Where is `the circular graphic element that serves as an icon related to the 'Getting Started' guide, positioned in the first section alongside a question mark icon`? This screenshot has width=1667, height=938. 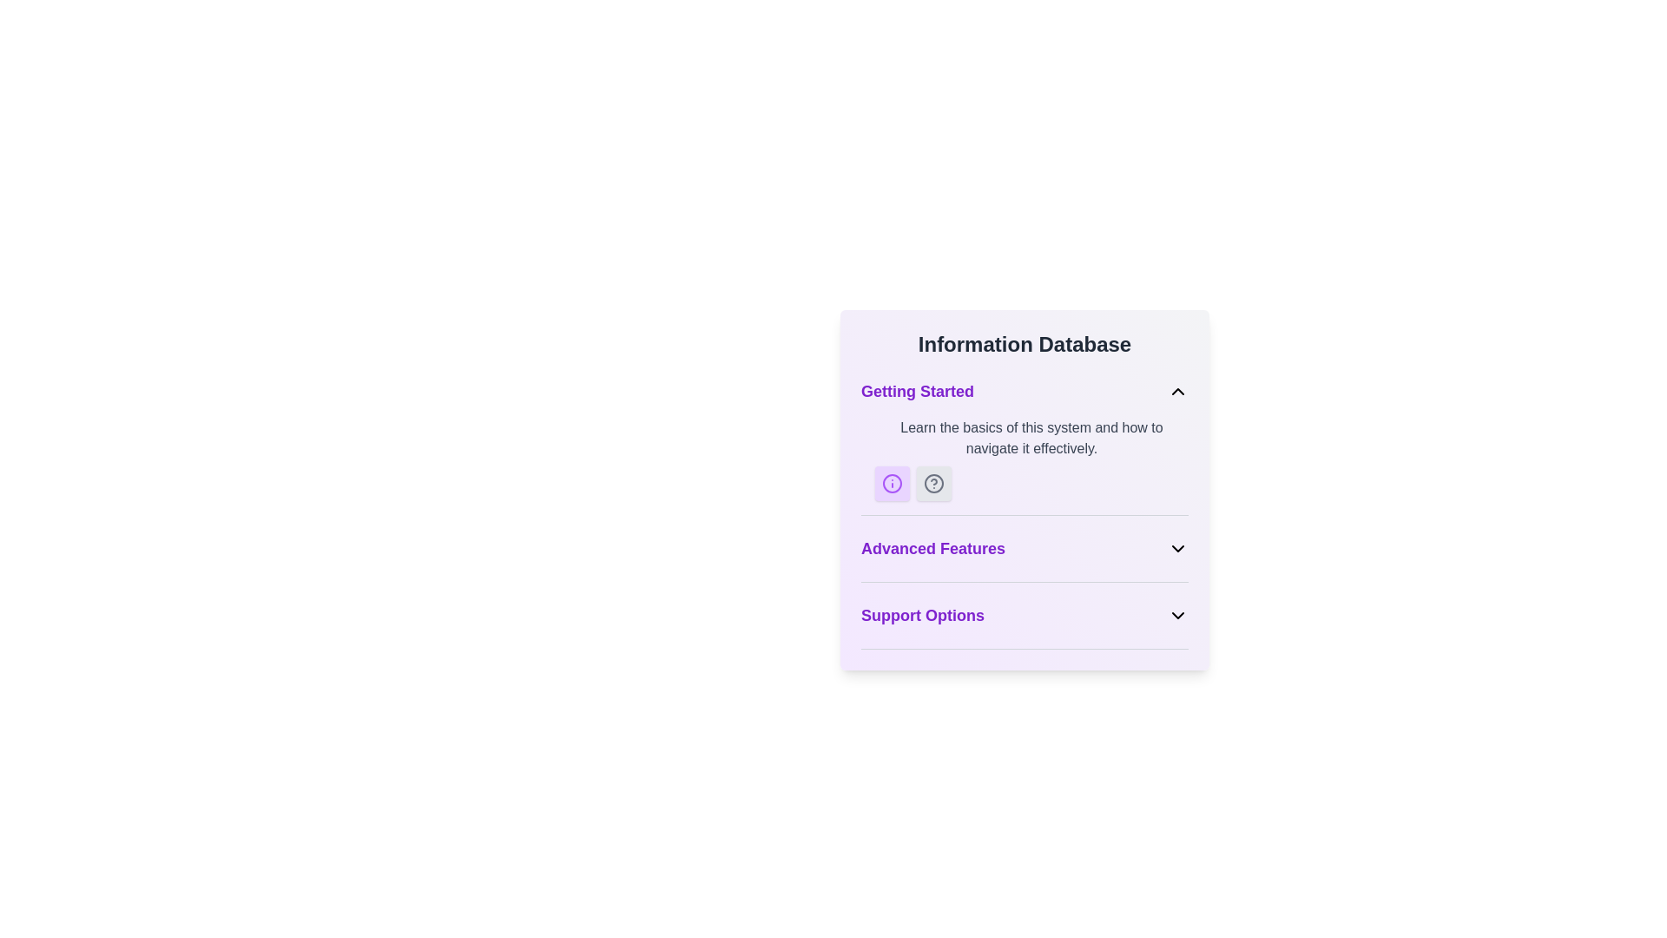
the circular graphic element that serves as an icon related to the 'Getting Started' guide, positioned in the first section alongside a question mark icon is located at coordinates (892, 483).